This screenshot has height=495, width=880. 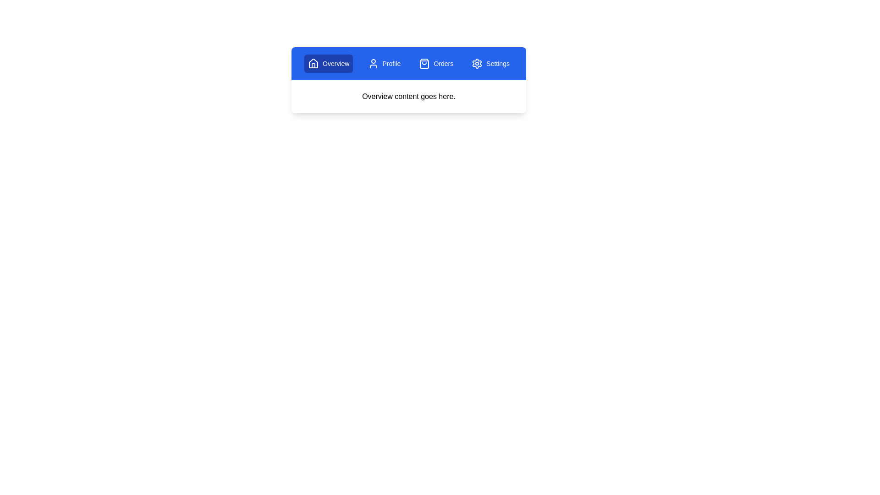 I want to click on the 'Orders' icon in the navigation bar, so click(x=424, y=63).